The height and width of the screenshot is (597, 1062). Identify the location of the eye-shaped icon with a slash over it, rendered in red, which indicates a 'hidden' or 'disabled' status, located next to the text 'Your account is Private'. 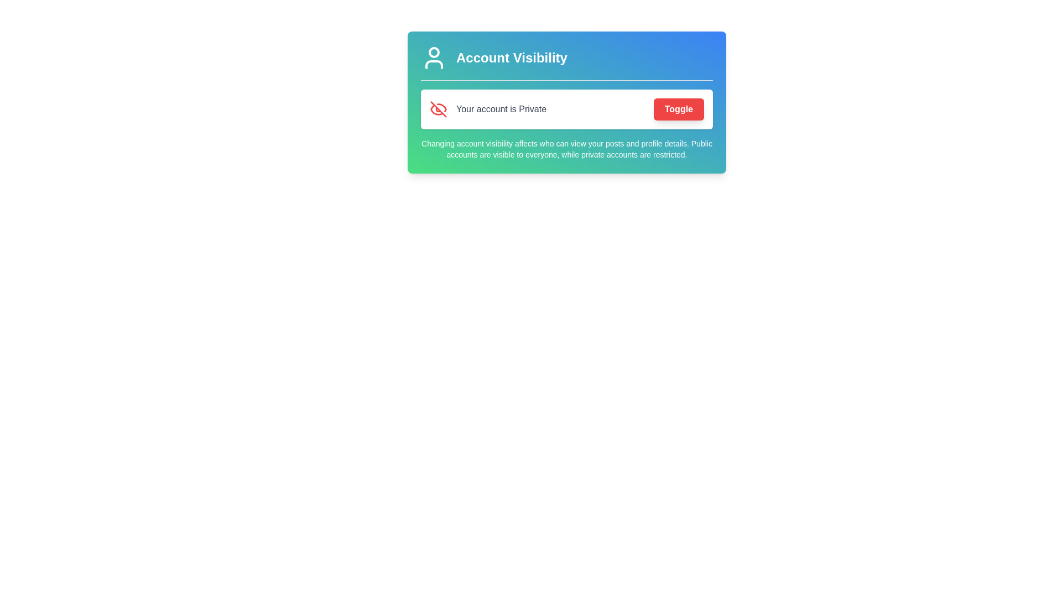
(438, 109).